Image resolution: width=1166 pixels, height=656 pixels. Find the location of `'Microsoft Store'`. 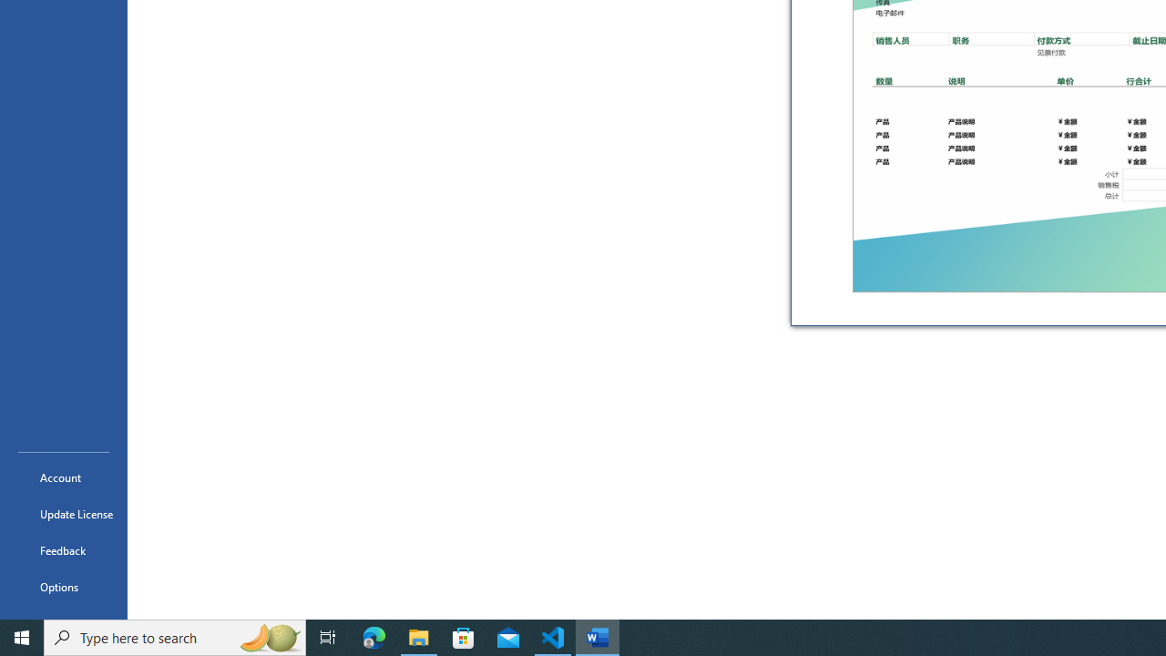

'Microsoft Store' is located at coordinates (464, 636).